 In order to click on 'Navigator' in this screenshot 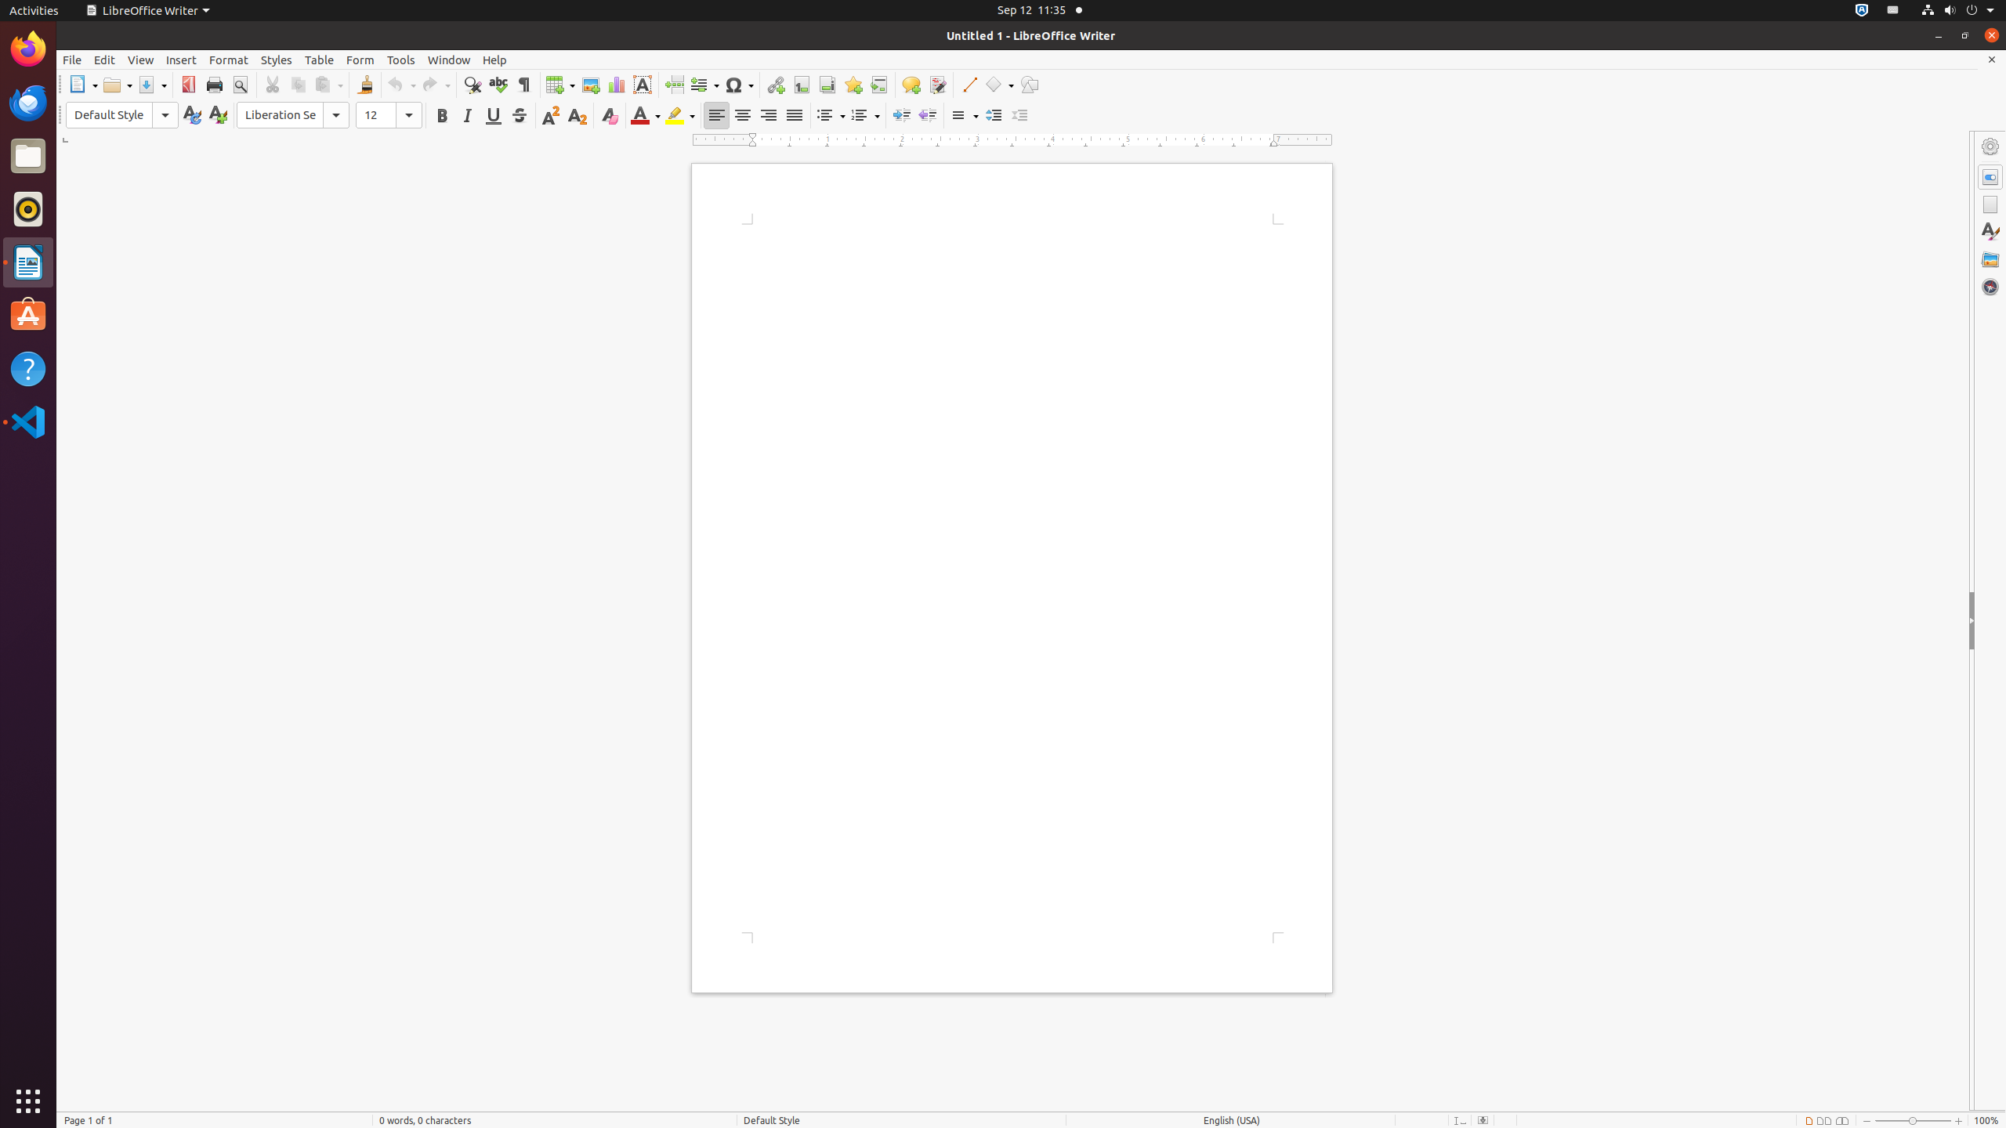, I will do `click(1990, 286)`.